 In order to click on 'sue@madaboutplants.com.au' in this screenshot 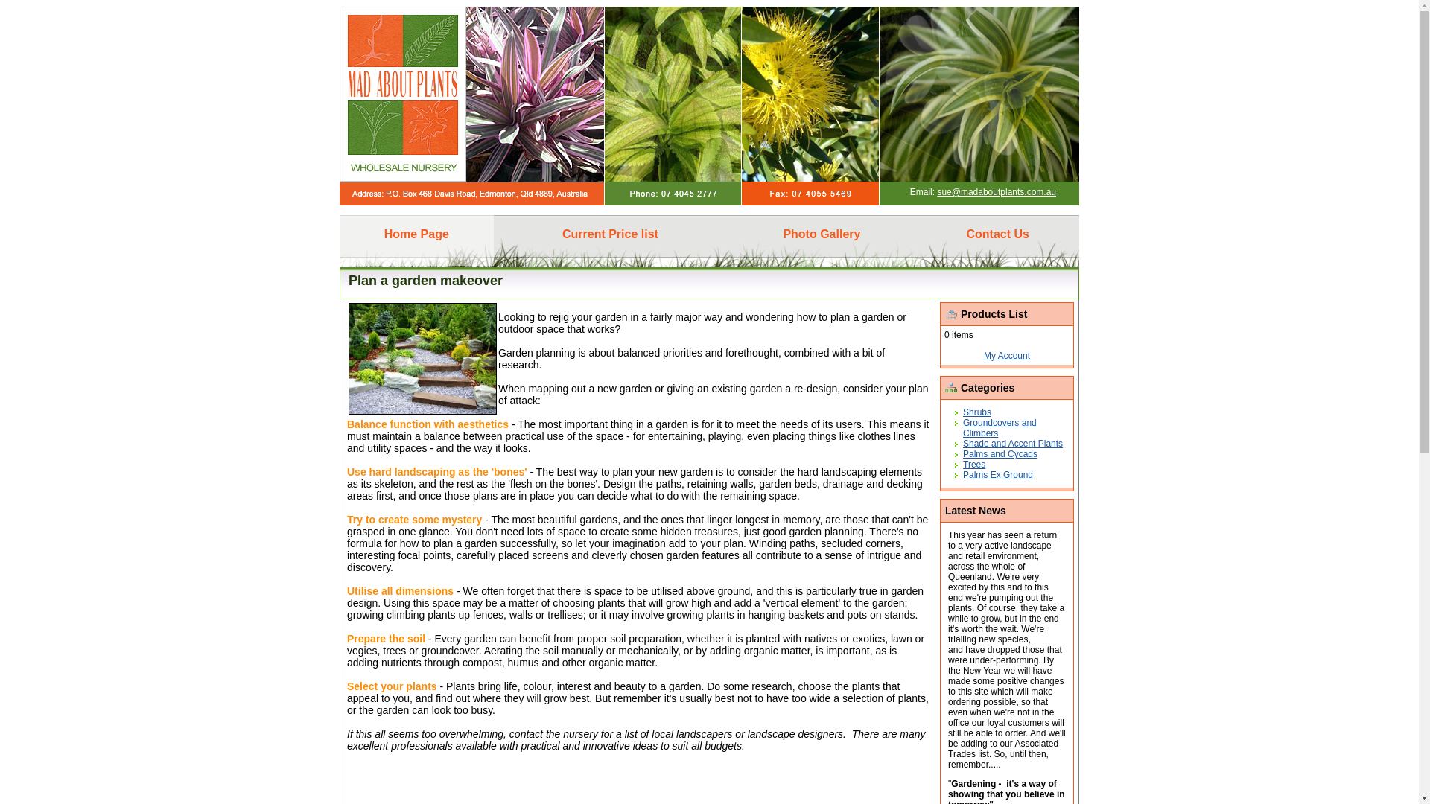, I will do `click(997, 191)`.